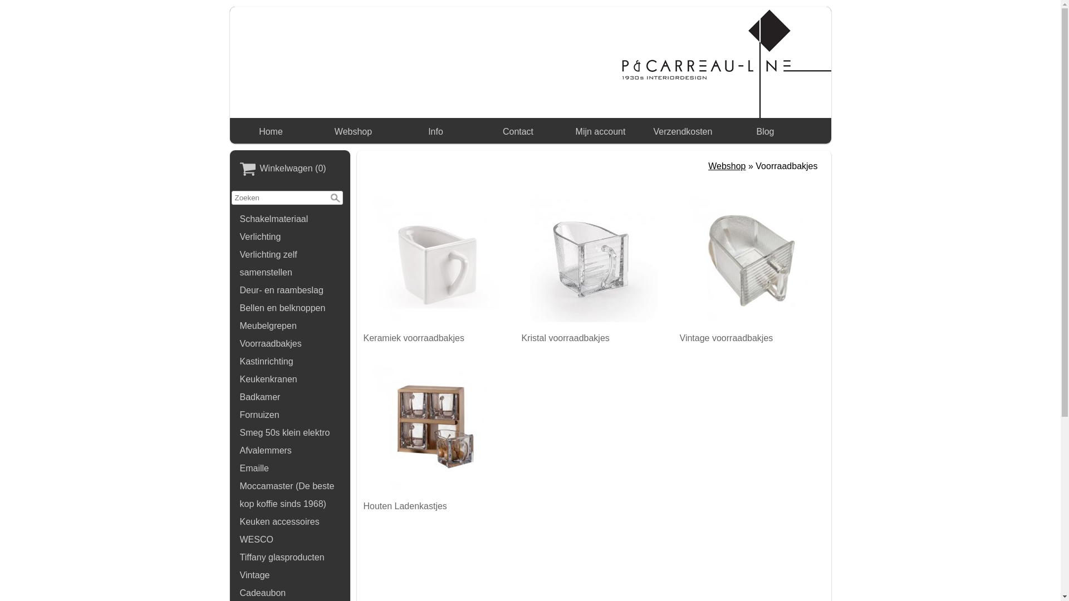 This screenshot has height=601, width=1069. I want to click on 'WESCO', so click(231, 539).